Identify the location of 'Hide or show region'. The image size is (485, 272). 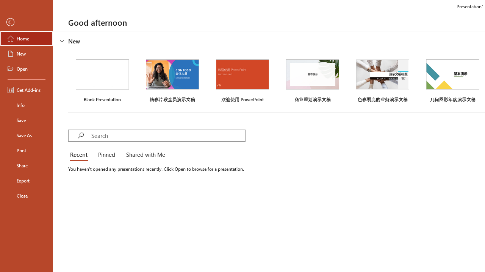
(62, 41).